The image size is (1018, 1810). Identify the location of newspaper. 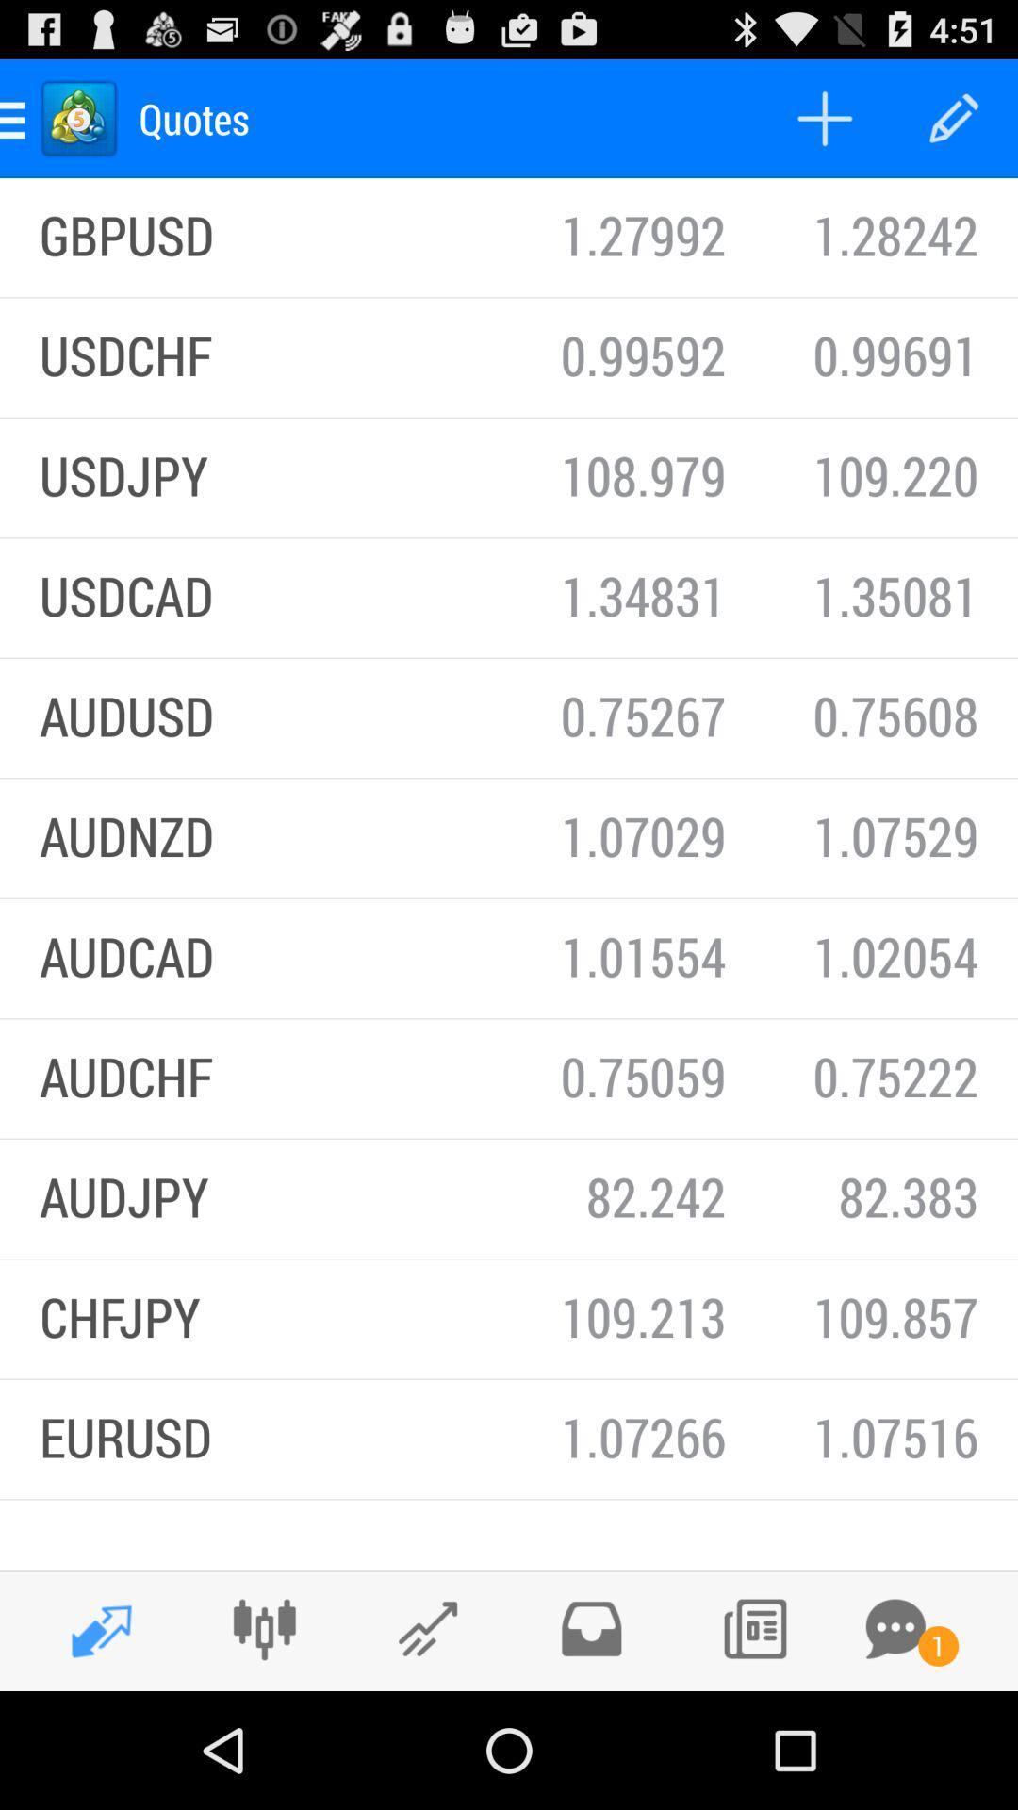
(753, 1628).